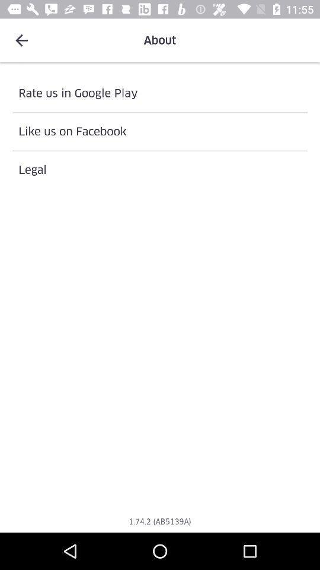  What do you see at coordinates (21, 40) in the screenshot?
I see `icon at the top left corner` at bounding box center [21, 40].